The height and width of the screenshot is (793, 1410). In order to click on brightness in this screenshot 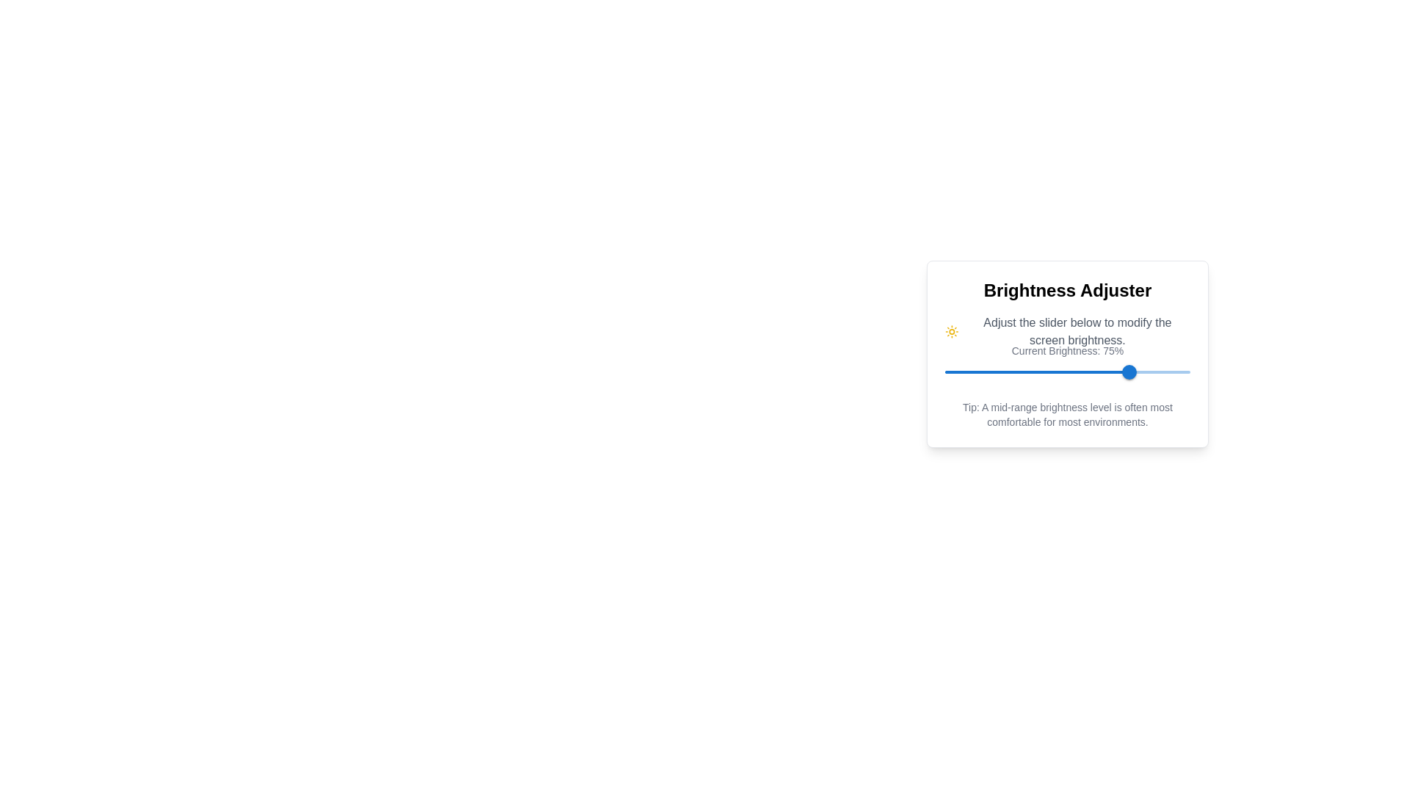, I will do `click(1035, 371)`.